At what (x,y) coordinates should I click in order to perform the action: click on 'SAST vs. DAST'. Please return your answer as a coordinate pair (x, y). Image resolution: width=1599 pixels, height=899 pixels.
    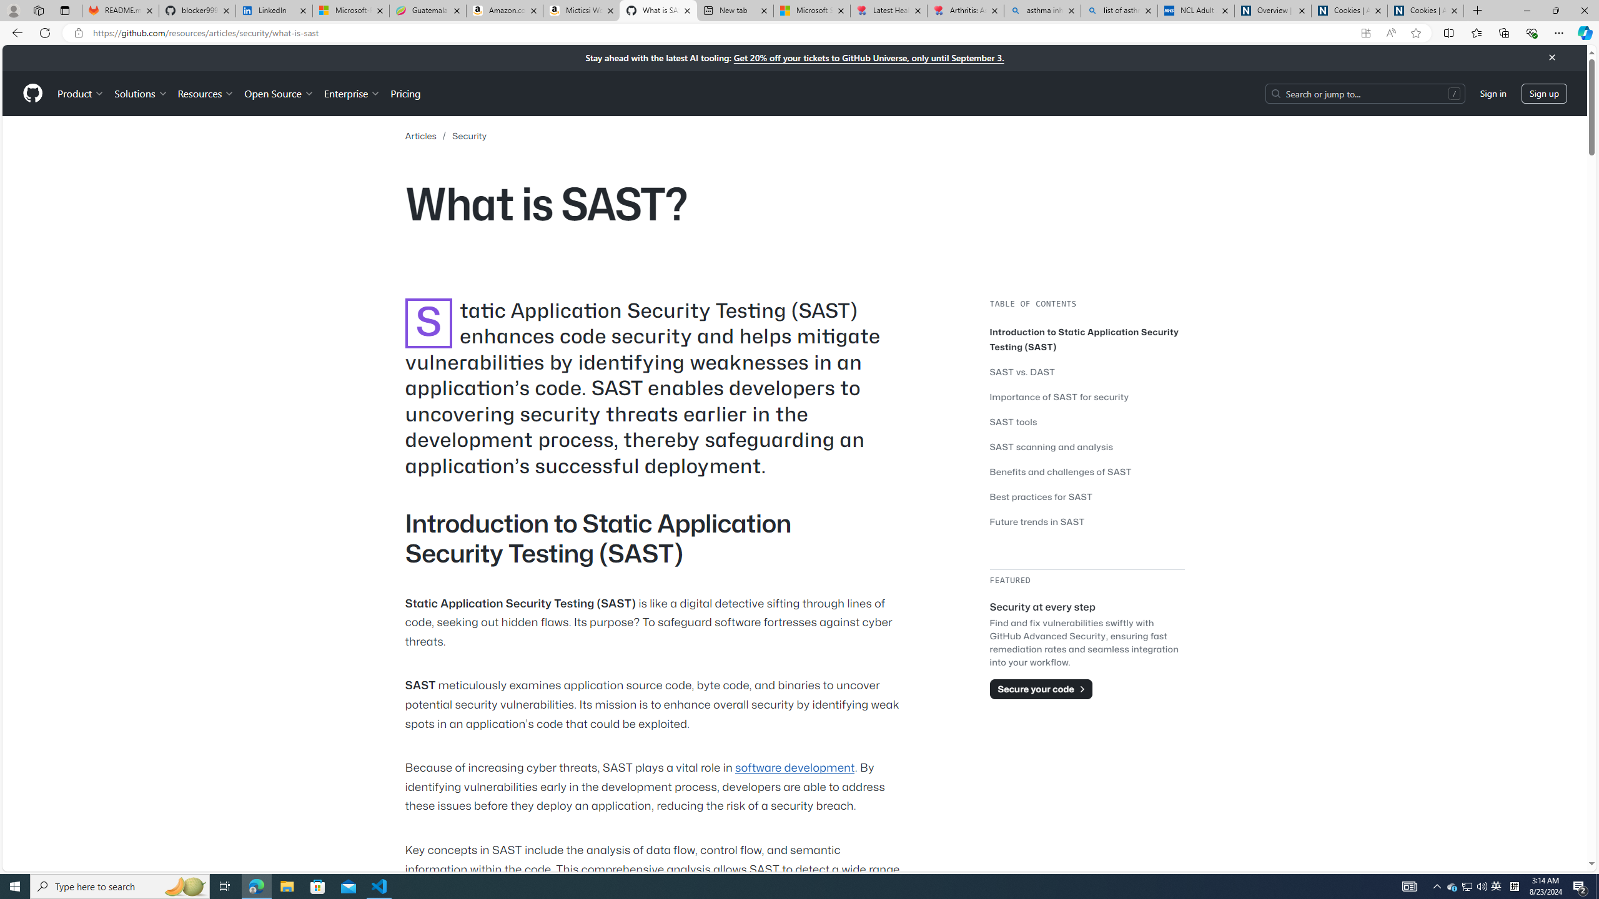
    Looking at the image, I should click on (1087, 371).